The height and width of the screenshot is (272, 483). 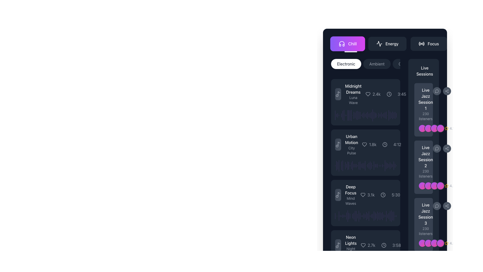 I want to click on the small yellow star icon representing a rating indicator, located between the pink circles and the numerical text '4.2', so click(x=447, y=186).